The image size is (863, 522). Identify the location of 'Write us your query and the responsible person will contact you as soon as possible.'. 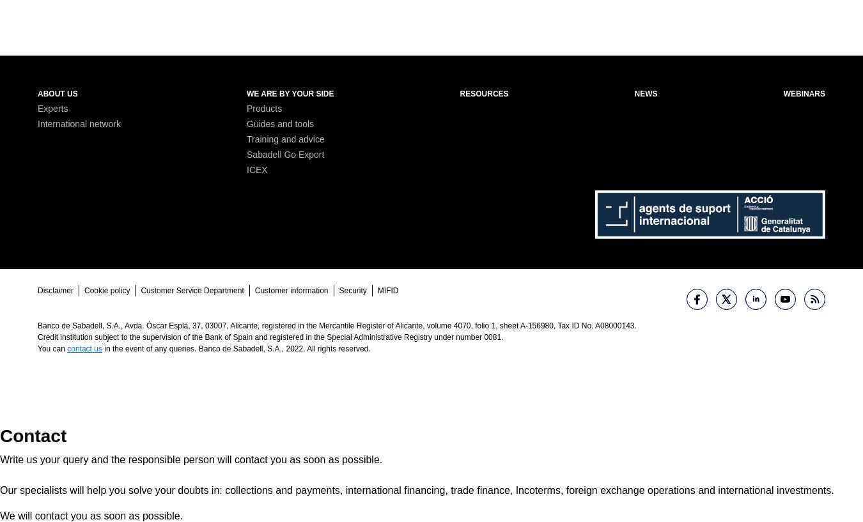
(0, 458).